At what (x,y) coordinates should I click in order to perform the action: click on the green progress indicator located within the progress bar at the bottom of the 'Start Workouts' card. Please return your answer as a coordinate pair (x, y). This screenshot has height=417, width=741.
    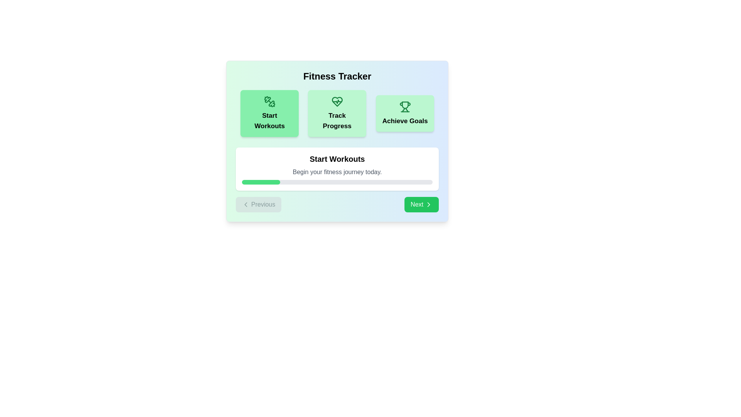
    Looking at the image, I should click on (261, 182).